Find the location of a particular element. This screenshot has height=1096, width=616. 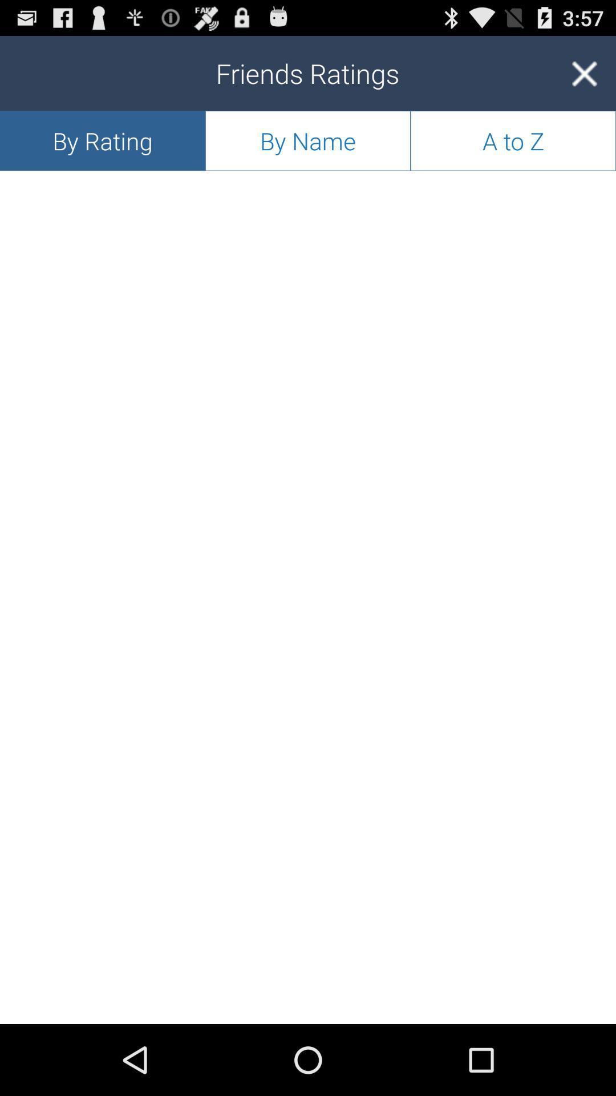

app to the left of the a to z app is located at coordinates (308, 140).